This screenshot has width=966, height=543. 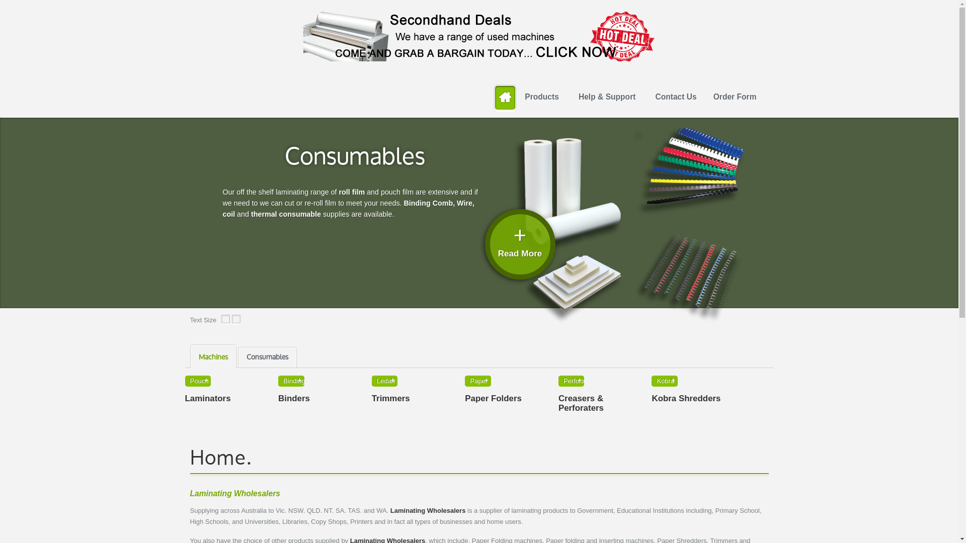 I want to click on 'Royal Sovereign and Ledah Trimmers, so click(x=371, y=381).